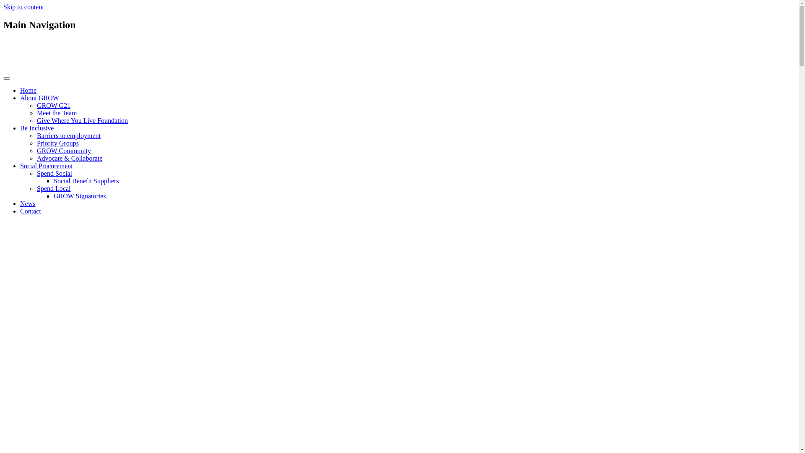 The height and width of the screenshot is (453, 805). What do you see at coordinates (28, 90) in the screenshot?
I see `'Home'` at bounding box center [28, 90].